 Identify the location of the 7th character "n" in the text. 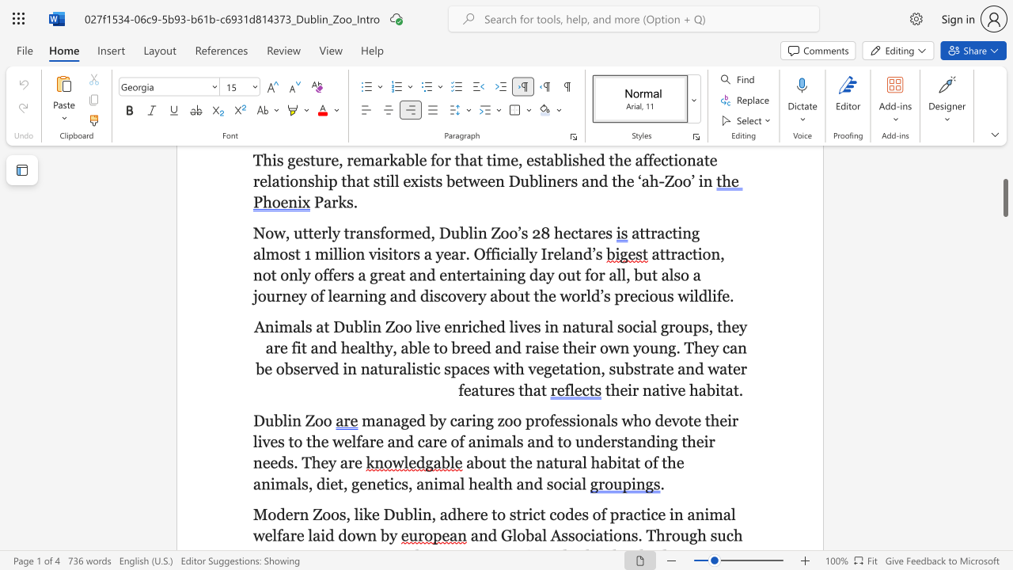
(588, 442).